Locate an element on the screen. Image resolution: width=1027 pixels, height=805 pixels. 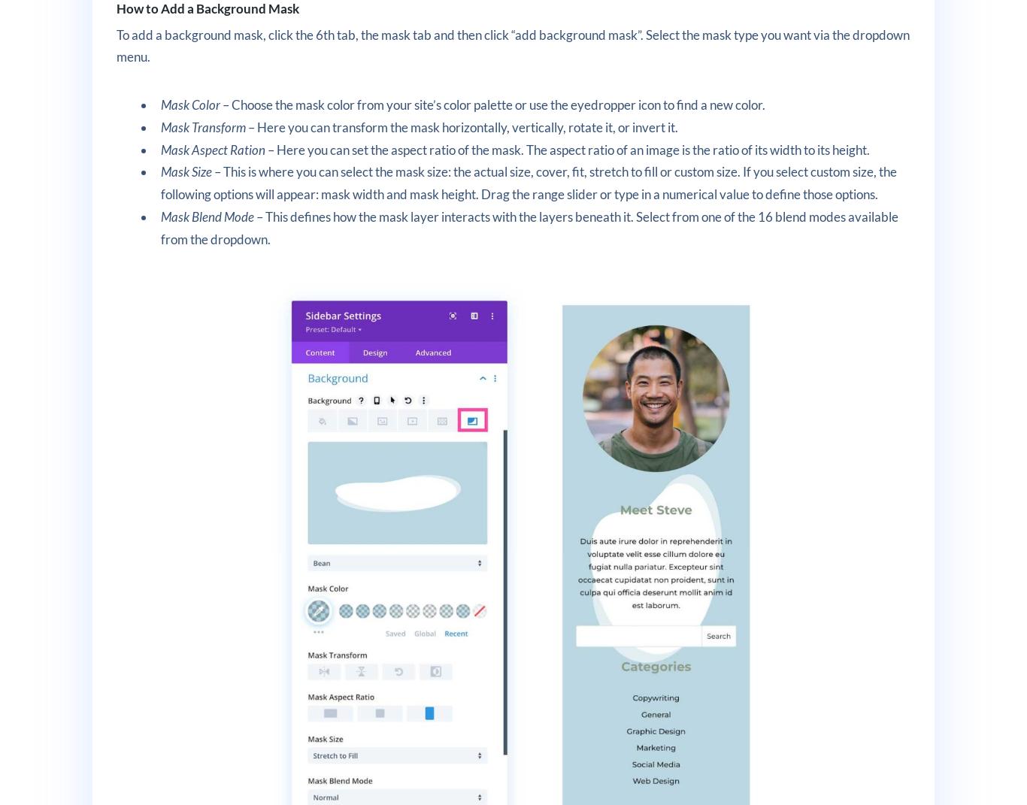
'Mask Size' is located at coordinates (160, 171).